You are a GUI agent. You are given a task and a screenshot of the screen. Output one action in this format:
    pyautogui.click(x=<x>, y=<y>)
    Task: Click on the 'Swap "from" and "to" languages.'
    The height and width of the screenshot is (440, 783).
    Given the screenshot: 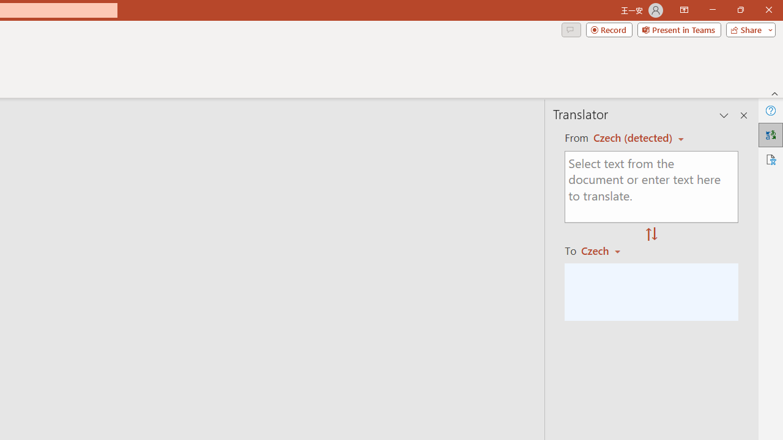 What is the action you would take?
    pyautogui.click(x=651, y=235)
    